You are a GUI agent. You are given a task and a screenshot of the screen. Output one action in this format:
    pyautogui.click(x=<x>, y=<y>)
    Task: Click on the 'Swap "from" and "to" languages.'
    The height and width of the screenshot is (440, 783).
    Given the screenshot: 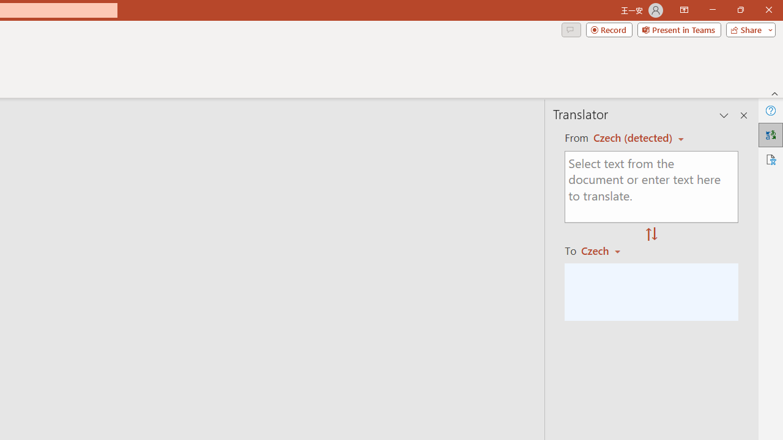 What is the action you would take?
    pyautogui.click(x=651, y=235)
    